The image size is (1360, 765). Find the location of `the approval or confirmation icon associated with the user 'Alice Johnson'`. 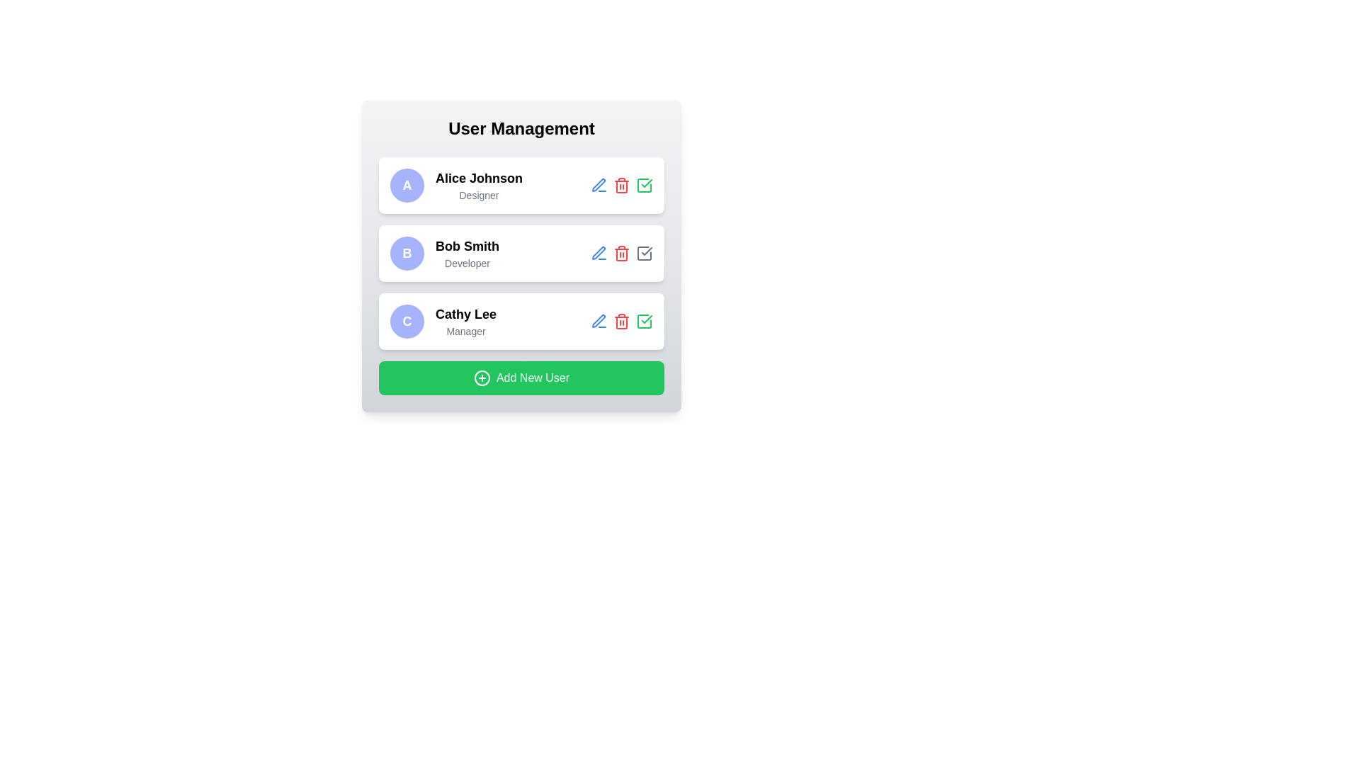

the approval or confirmation icon associated with the user 'Alice Johnson' is located at coordinates (644, 185).